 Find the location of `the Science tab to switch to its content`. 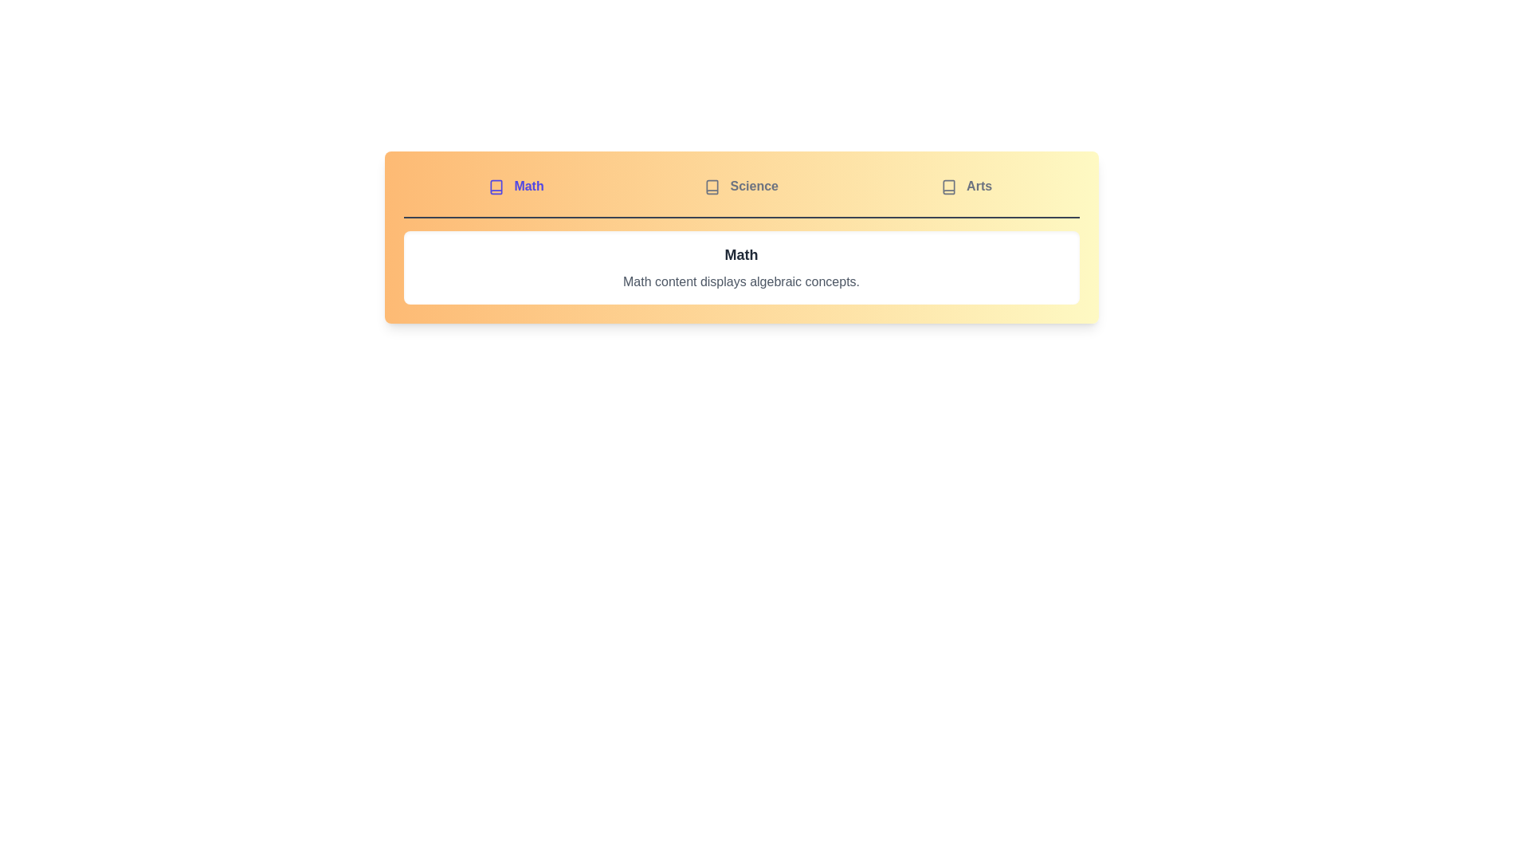

the Science tab to switch to its content is located at coordinates (740, 187).